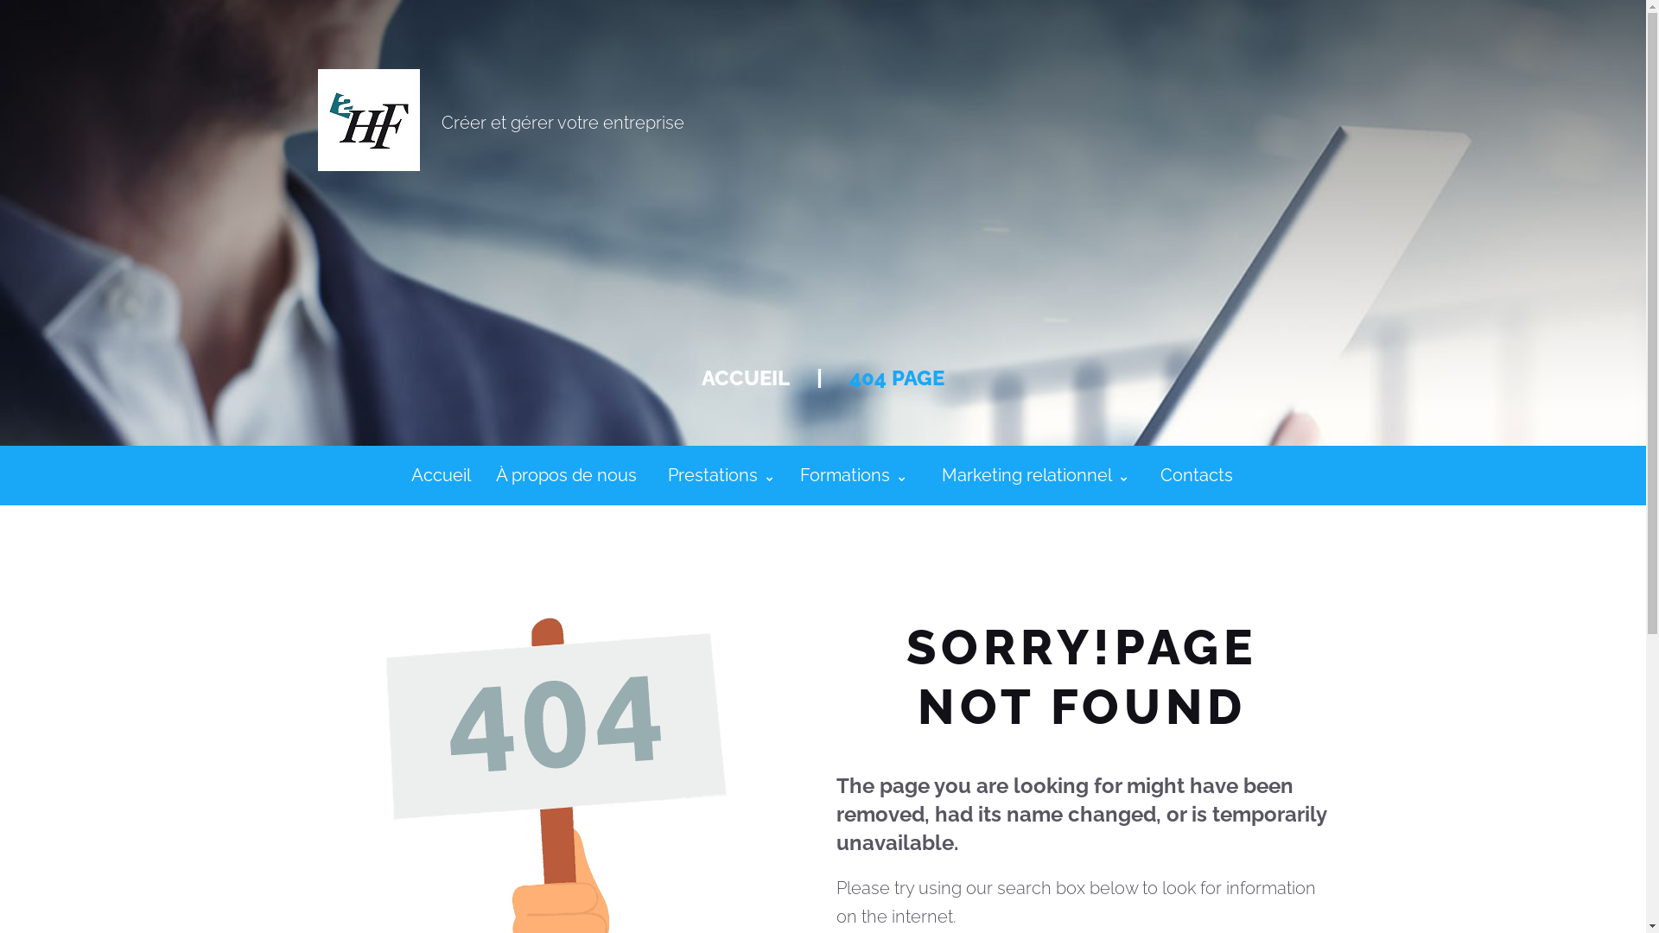  I want to click on 'Accueil', so click(441, 475).